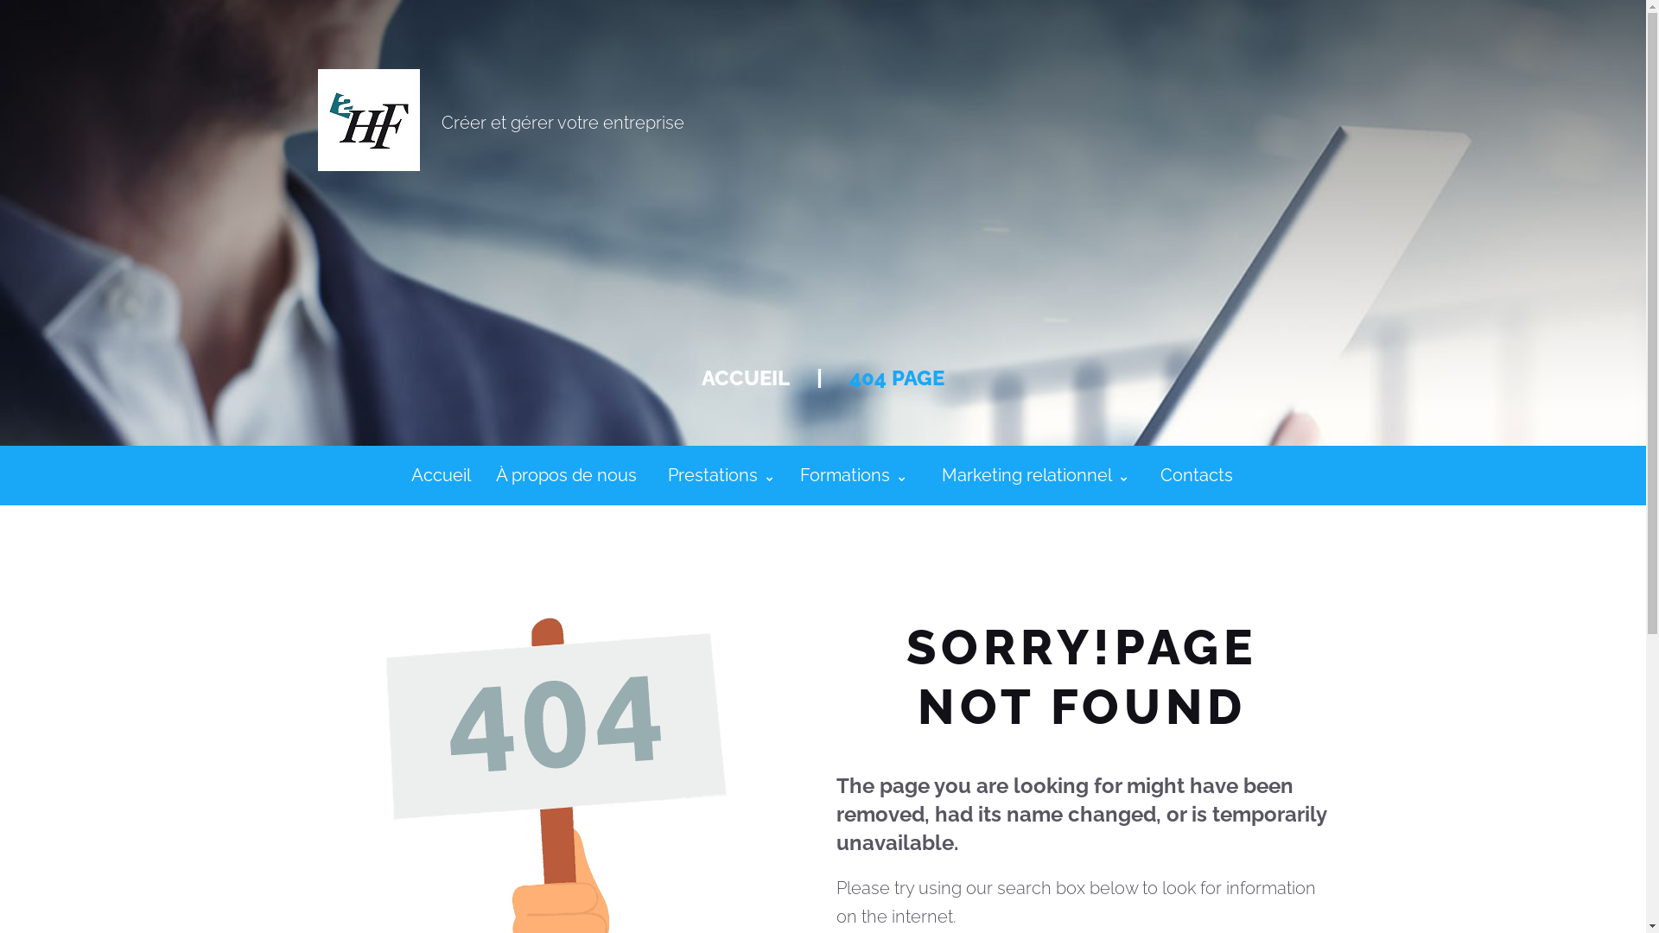  I want to click on 'Accueil', so click(441, 475).